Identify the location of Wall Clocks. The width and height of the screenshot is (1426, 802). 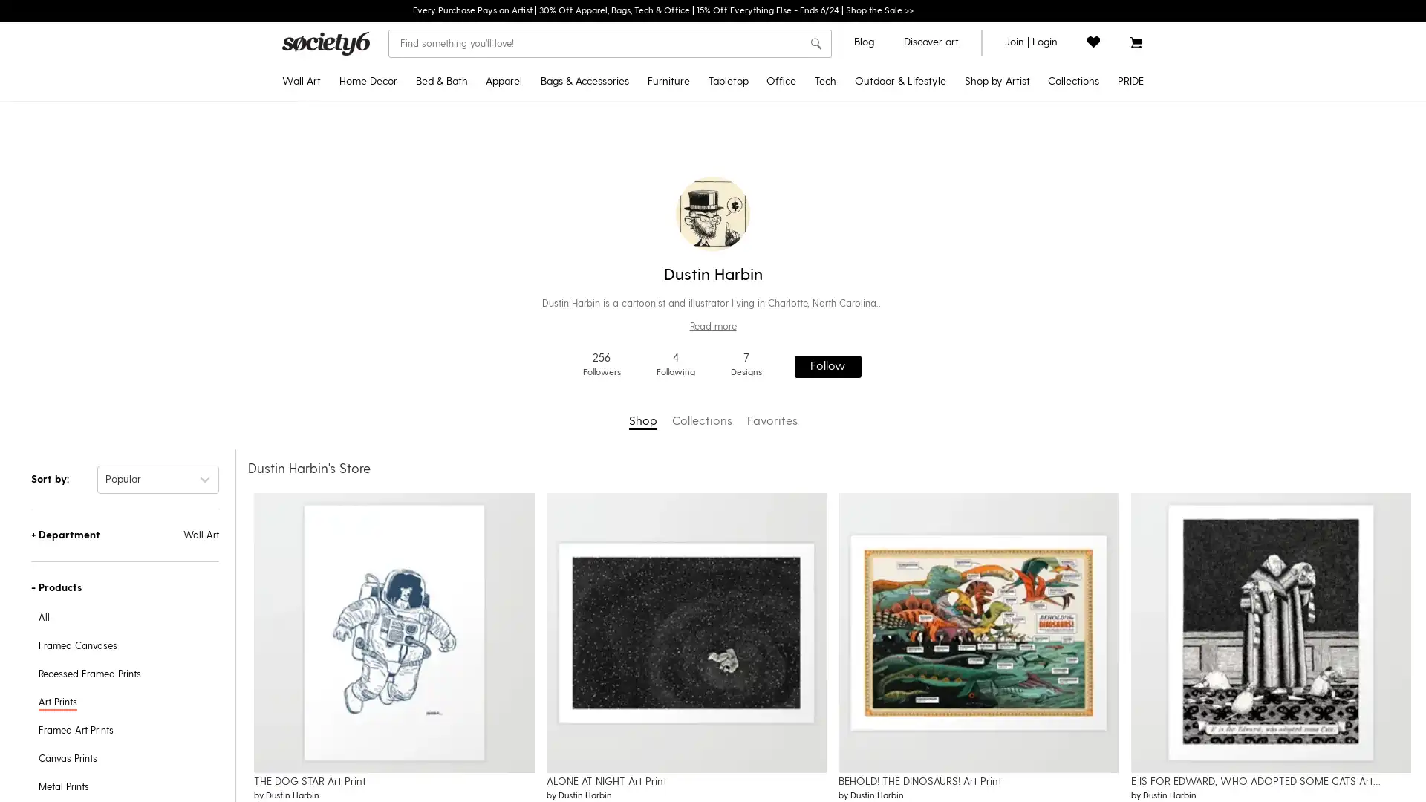
(396, 286).